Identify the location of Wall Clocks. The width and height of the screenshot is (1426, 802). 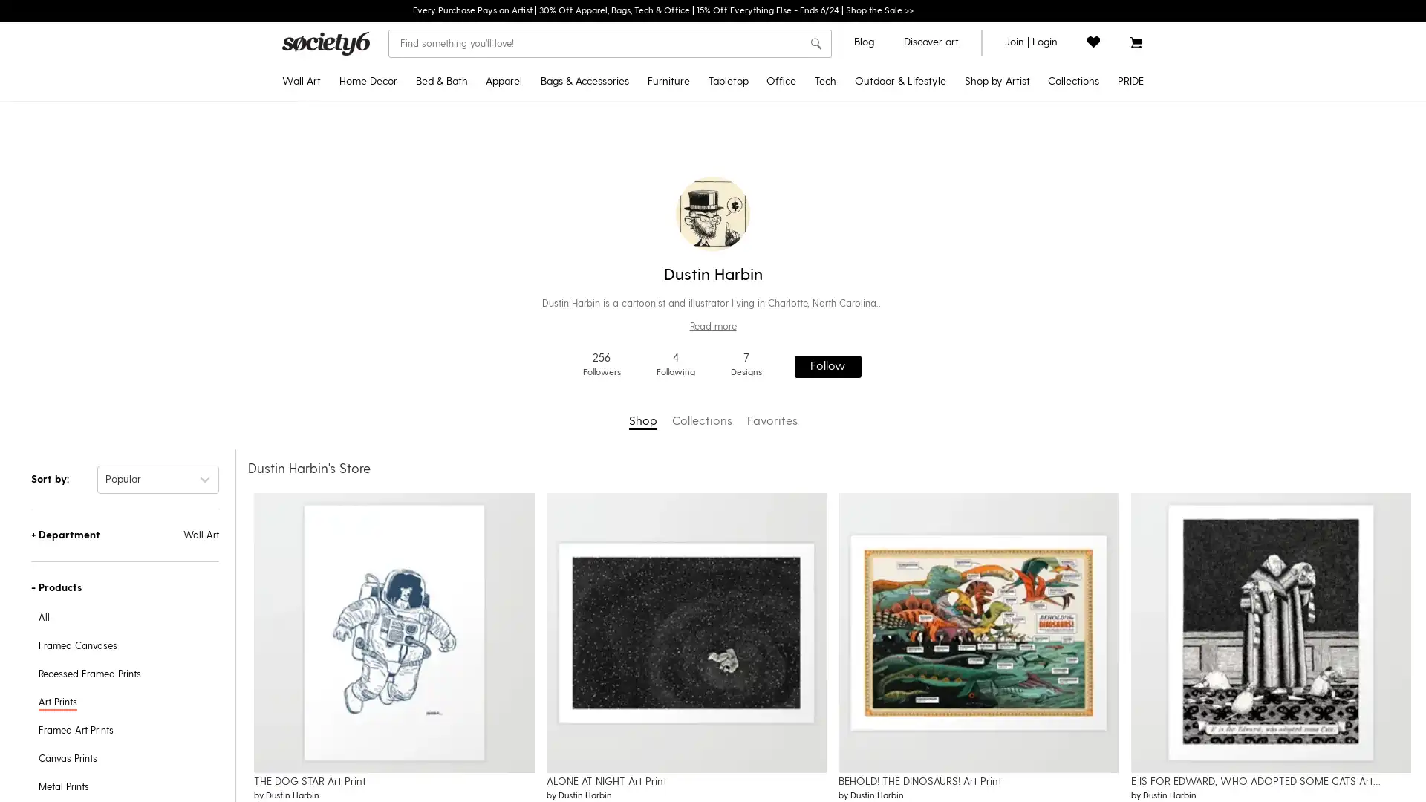
(396, 286).